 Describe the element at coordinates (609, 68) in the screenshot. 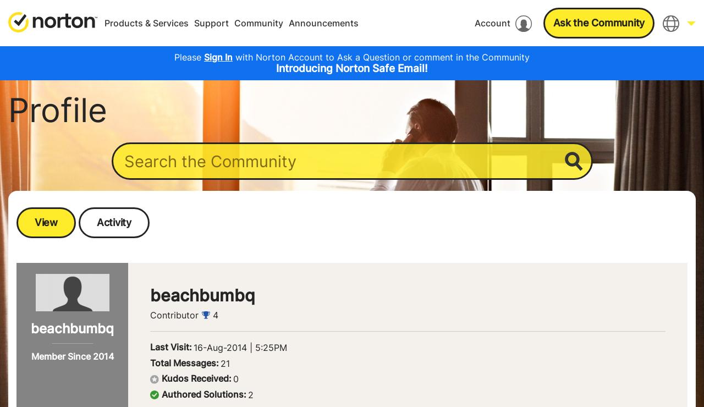

I see `'English'` at that location.